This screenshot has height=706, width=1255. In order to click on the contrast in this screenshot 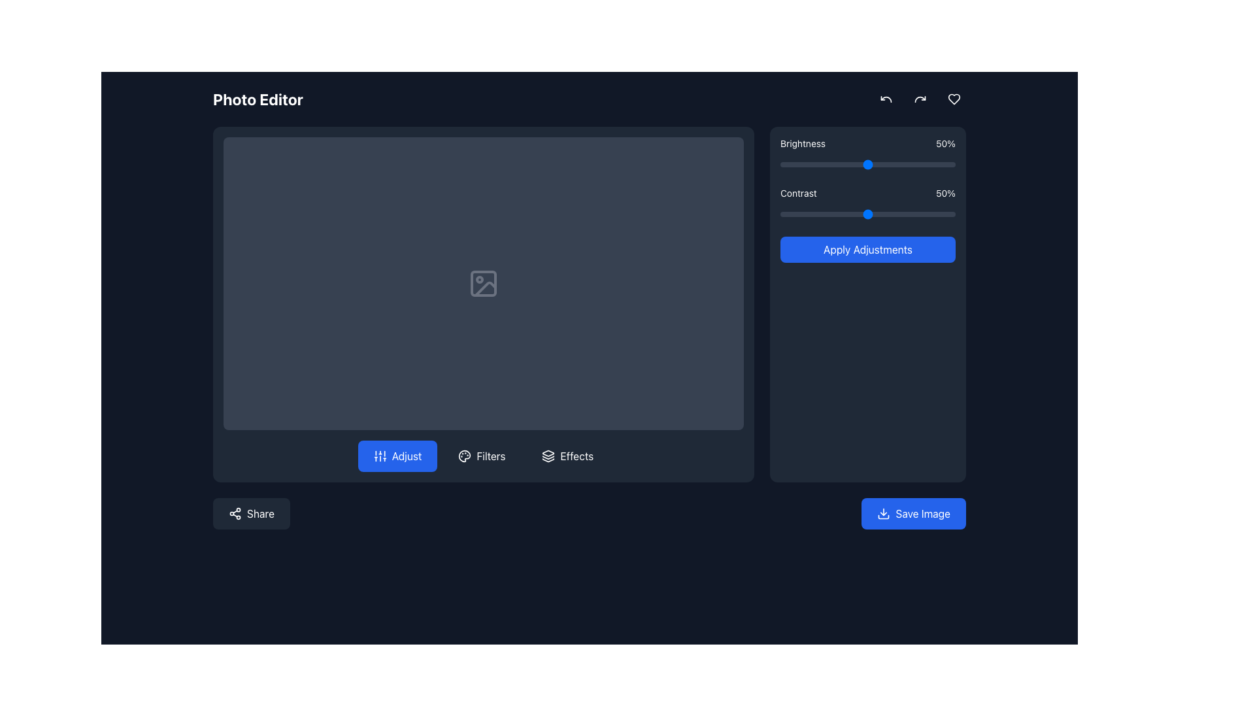, I will do `click(782, 213)`.